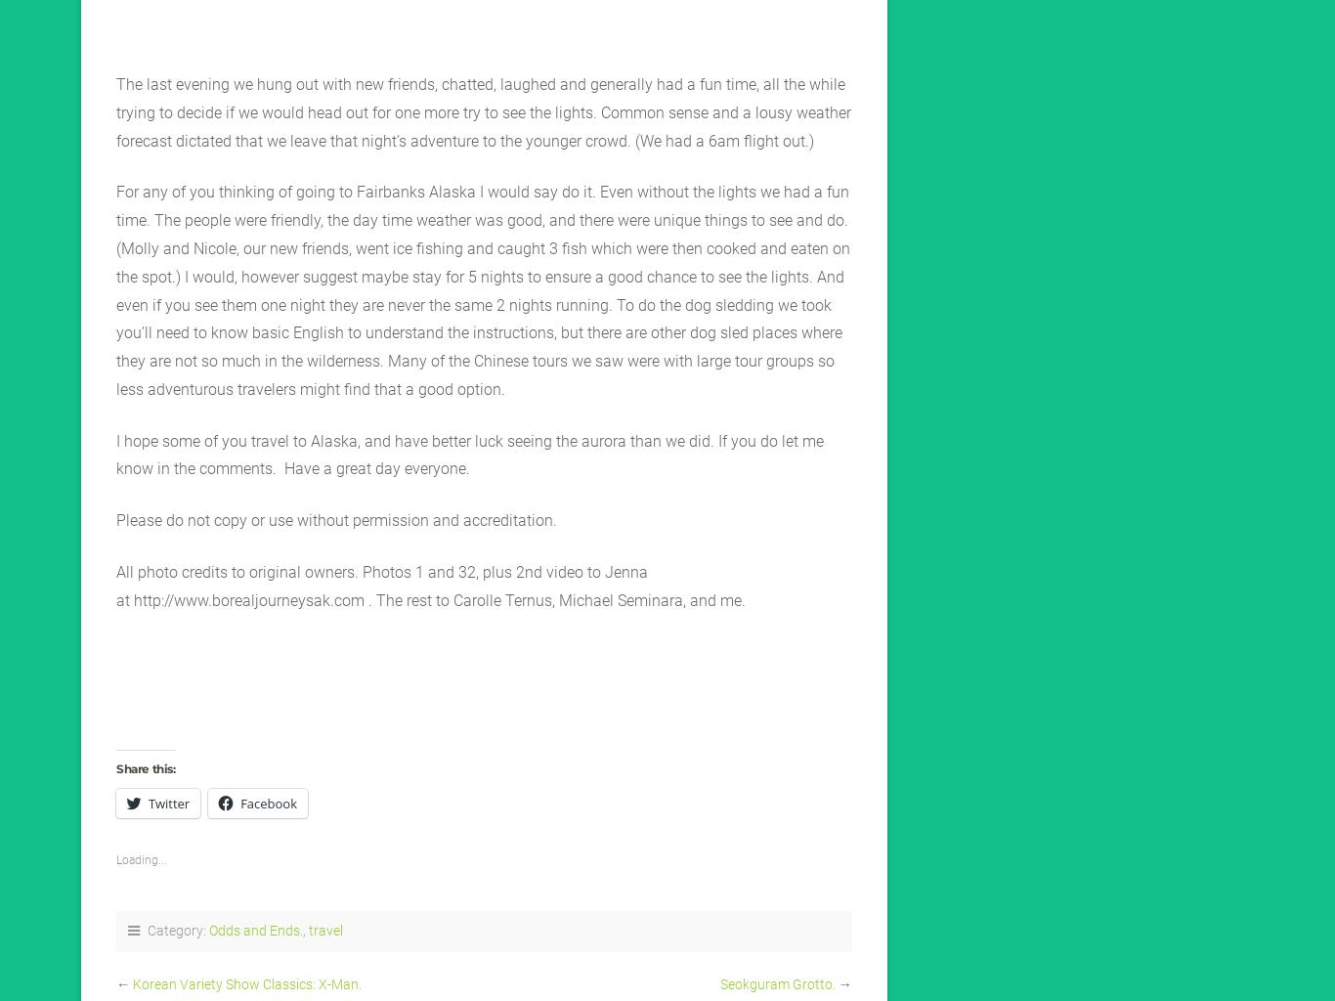 Image resolution: width=1335 pixels, height=1001 pixels. I want to click on 'Loading...', so click(140, 857).